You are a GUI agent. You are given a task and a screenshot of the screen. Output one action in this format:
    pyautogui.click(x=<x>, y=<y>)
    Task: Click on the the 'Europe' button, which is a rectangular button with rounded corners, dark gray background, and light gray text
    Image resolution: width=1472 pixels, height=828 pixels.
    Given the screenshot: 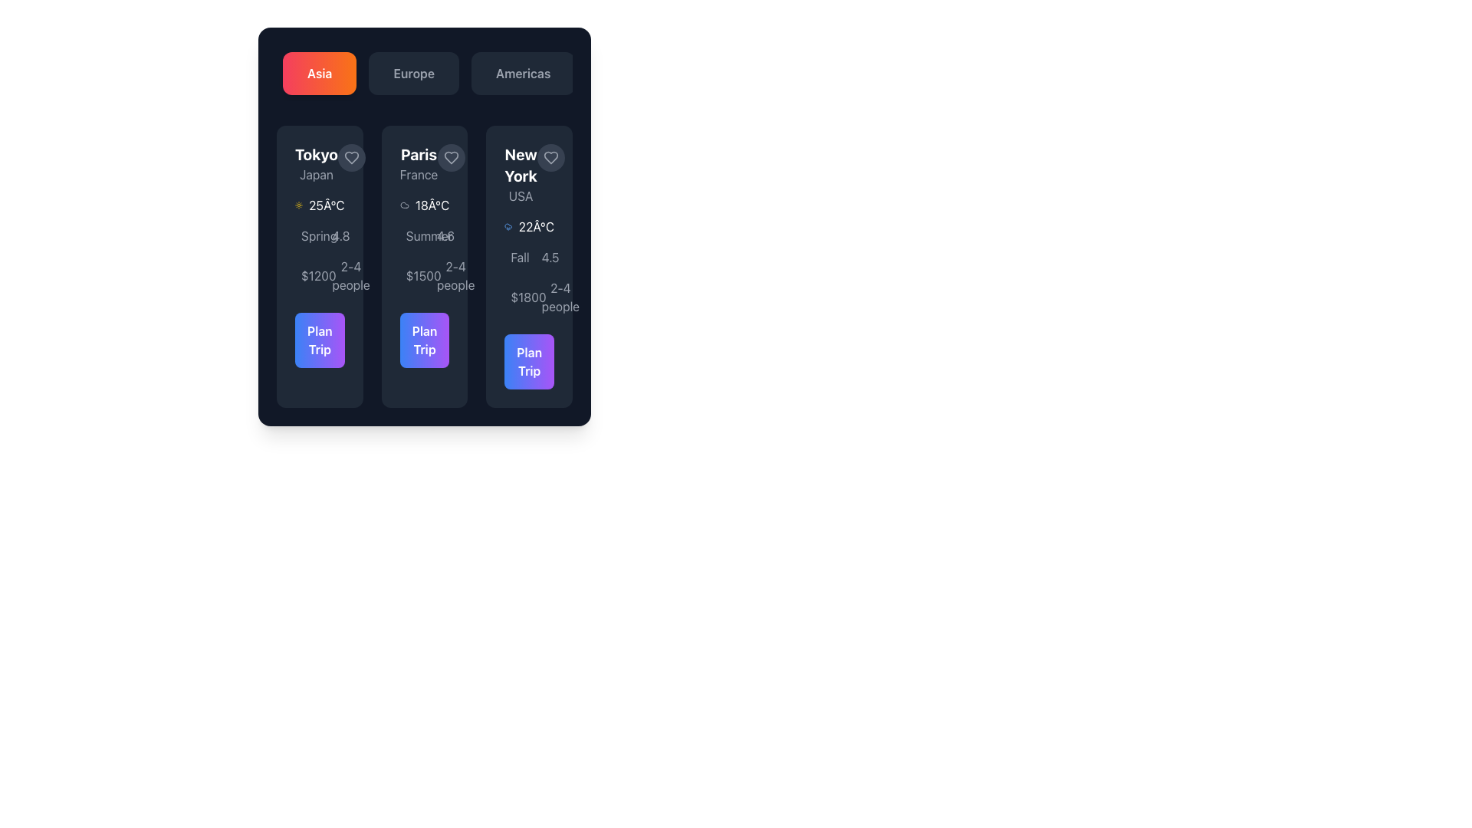 What is the action you would take?
    pyautogui.click(x=414, y=74)
    